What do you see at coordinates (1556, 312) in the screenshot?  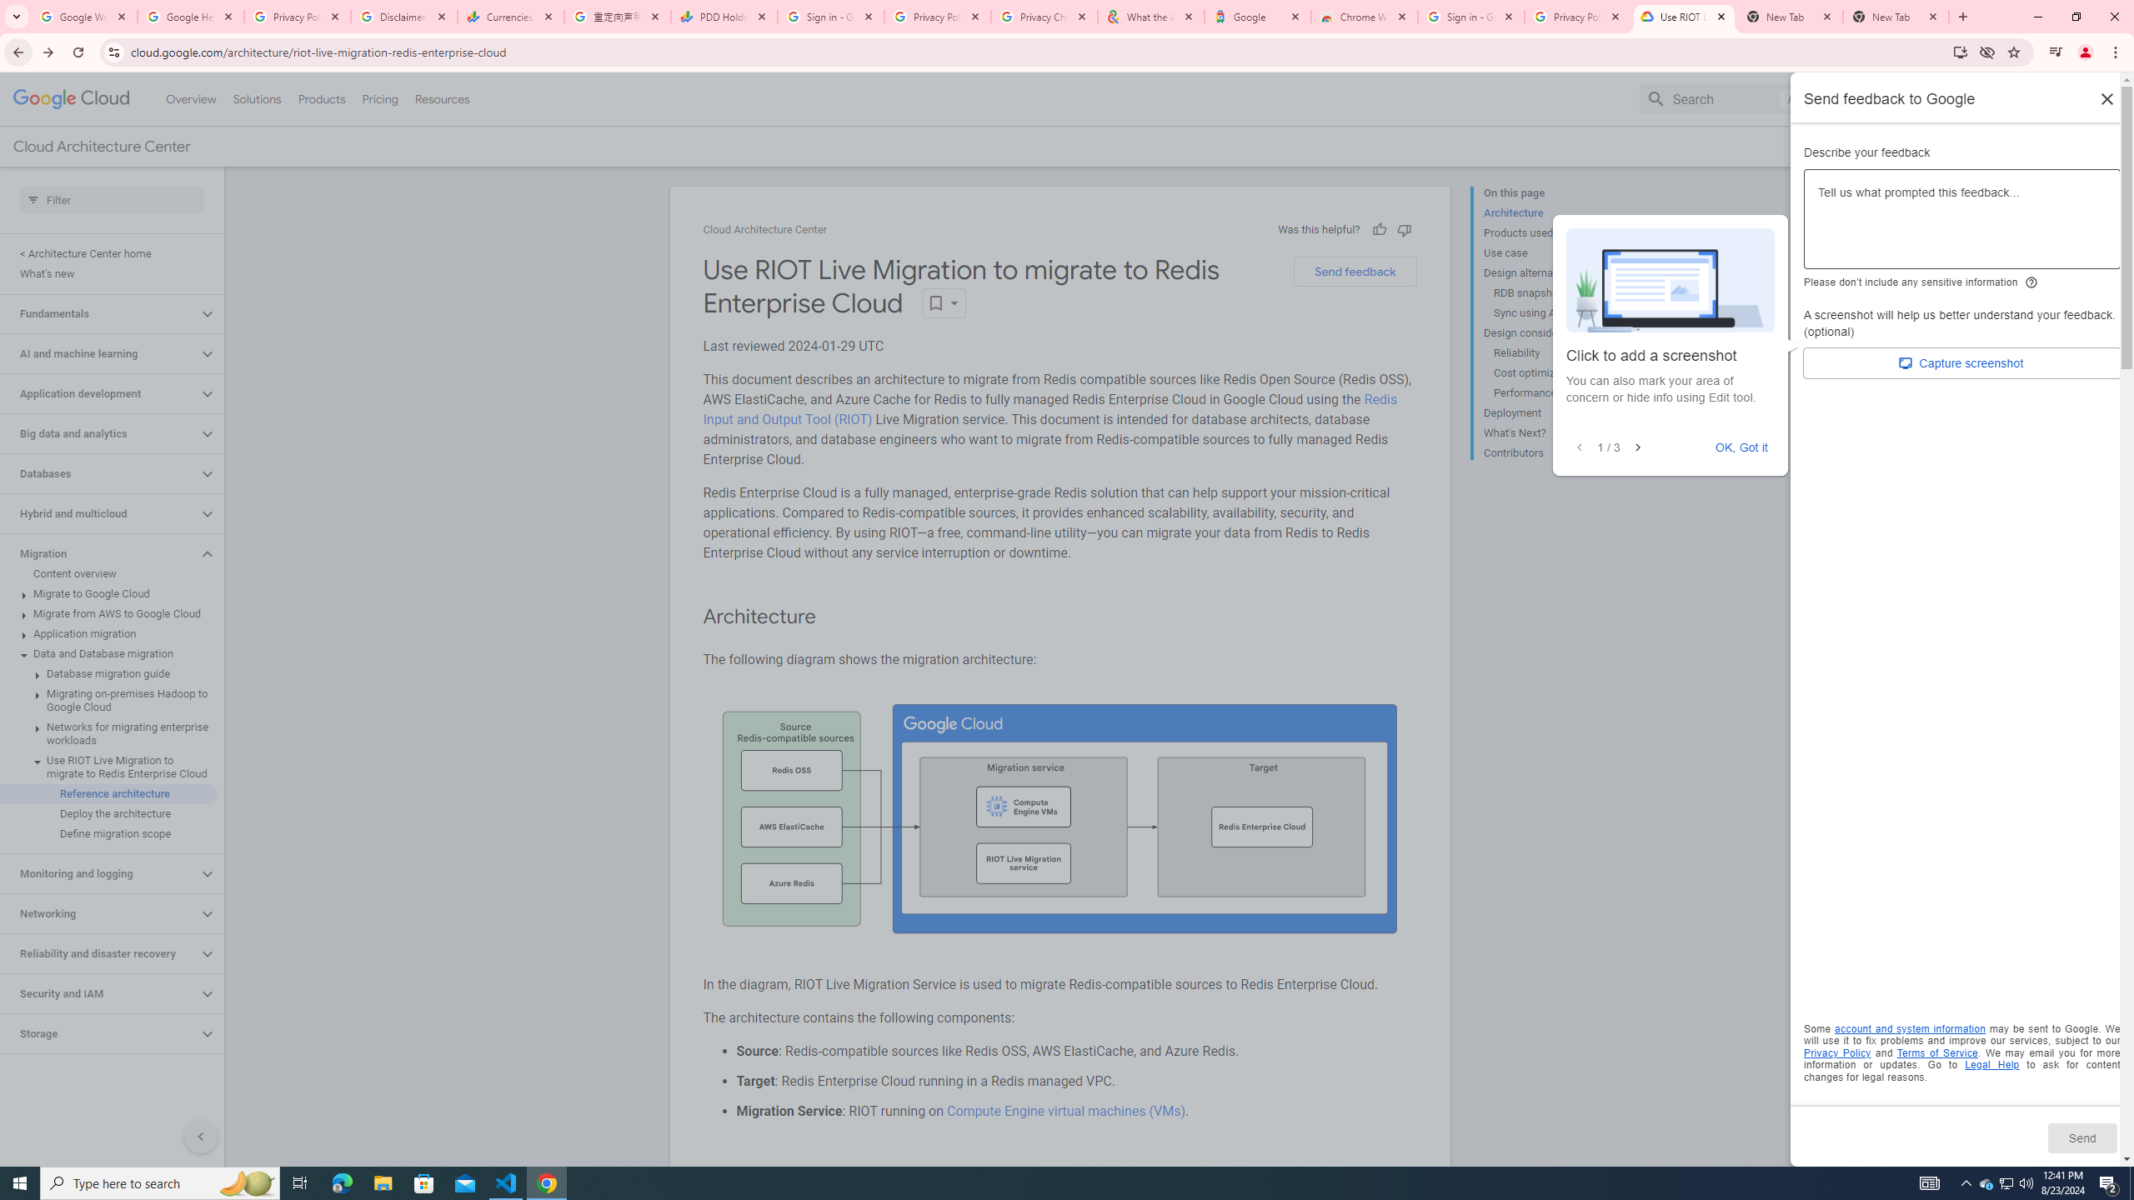 I see `'Sync using Active-Passive'` at bounding box center [1556, 312].